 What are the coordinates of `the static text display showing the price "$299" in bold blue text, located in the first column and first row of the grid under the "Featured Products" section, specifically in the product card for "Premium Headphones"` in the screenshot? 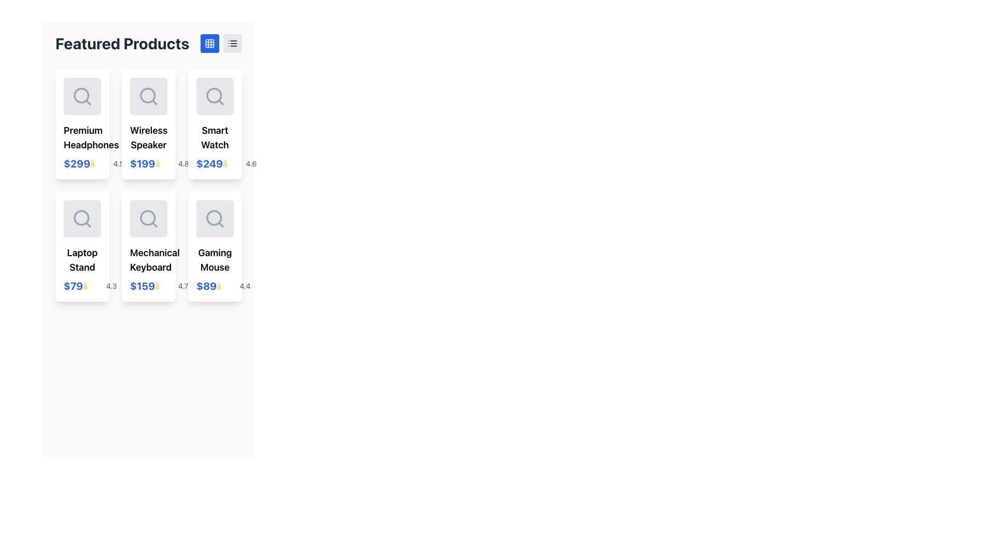 It's located at (76, 163).